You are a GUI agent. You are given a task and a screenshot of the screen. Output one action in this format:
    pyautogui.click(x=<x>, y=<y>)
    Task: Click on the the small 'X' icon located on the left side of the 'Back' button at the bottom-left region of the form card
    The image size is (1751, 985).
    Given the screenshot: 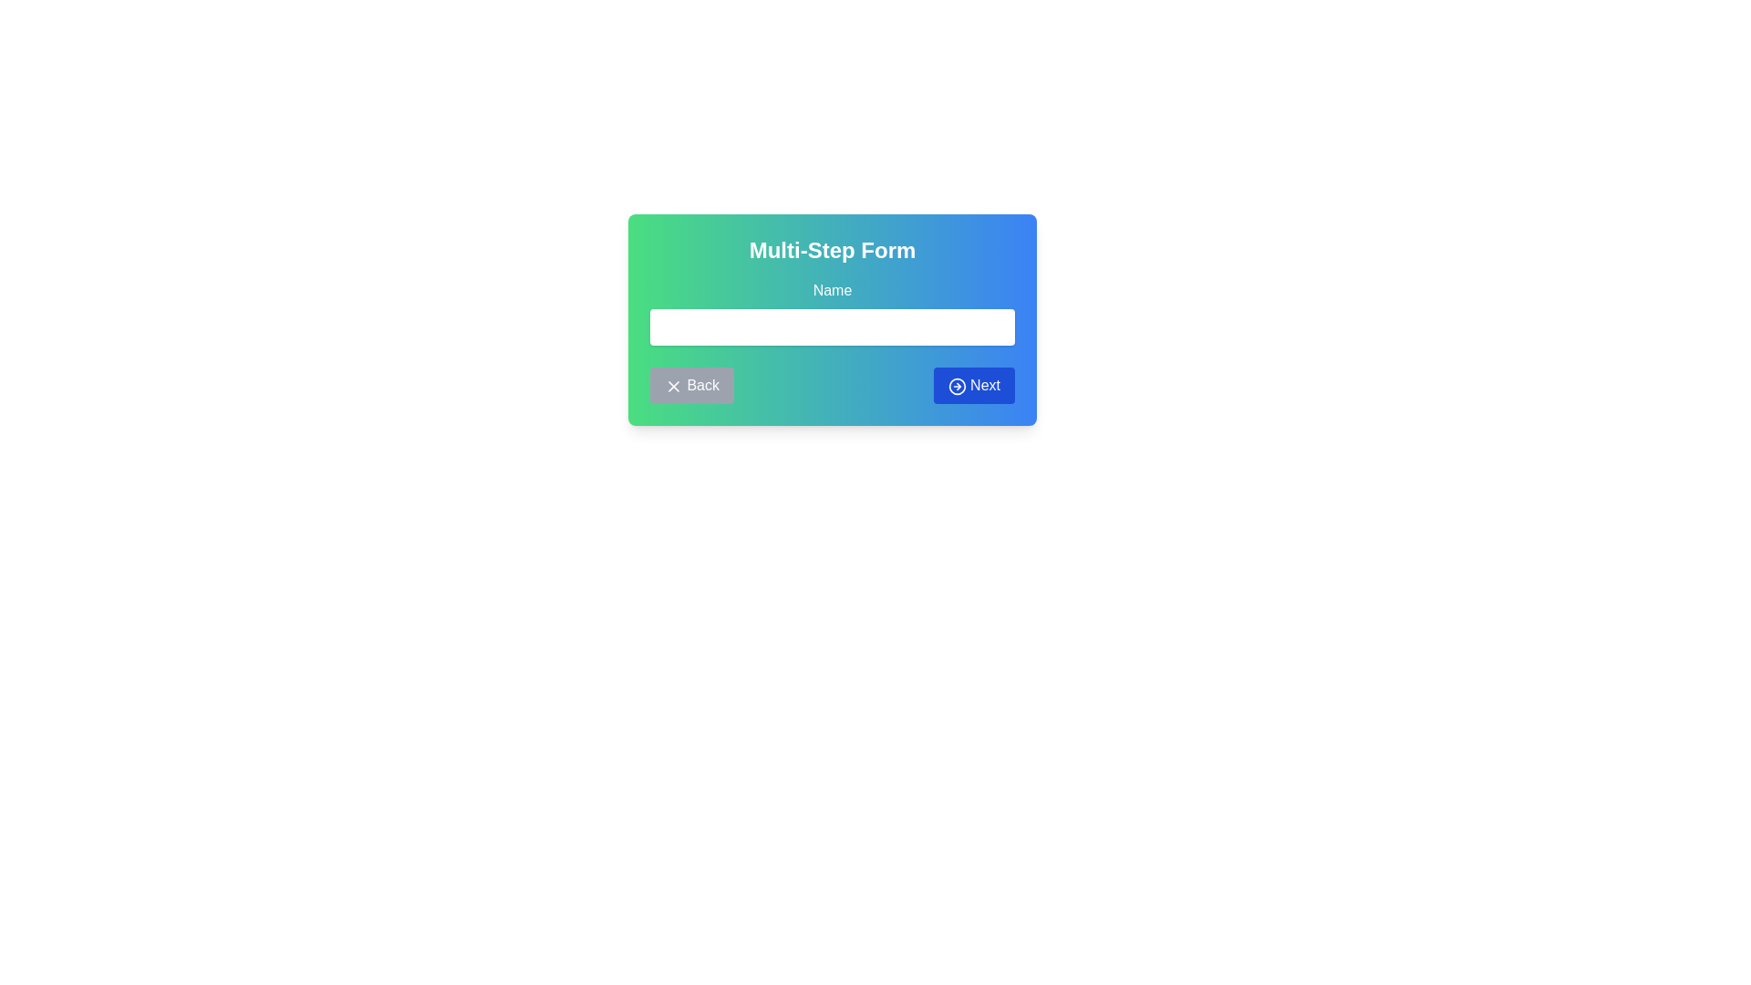 What is the action you would take?
    pyautogui.click(x=673, y=385)
    